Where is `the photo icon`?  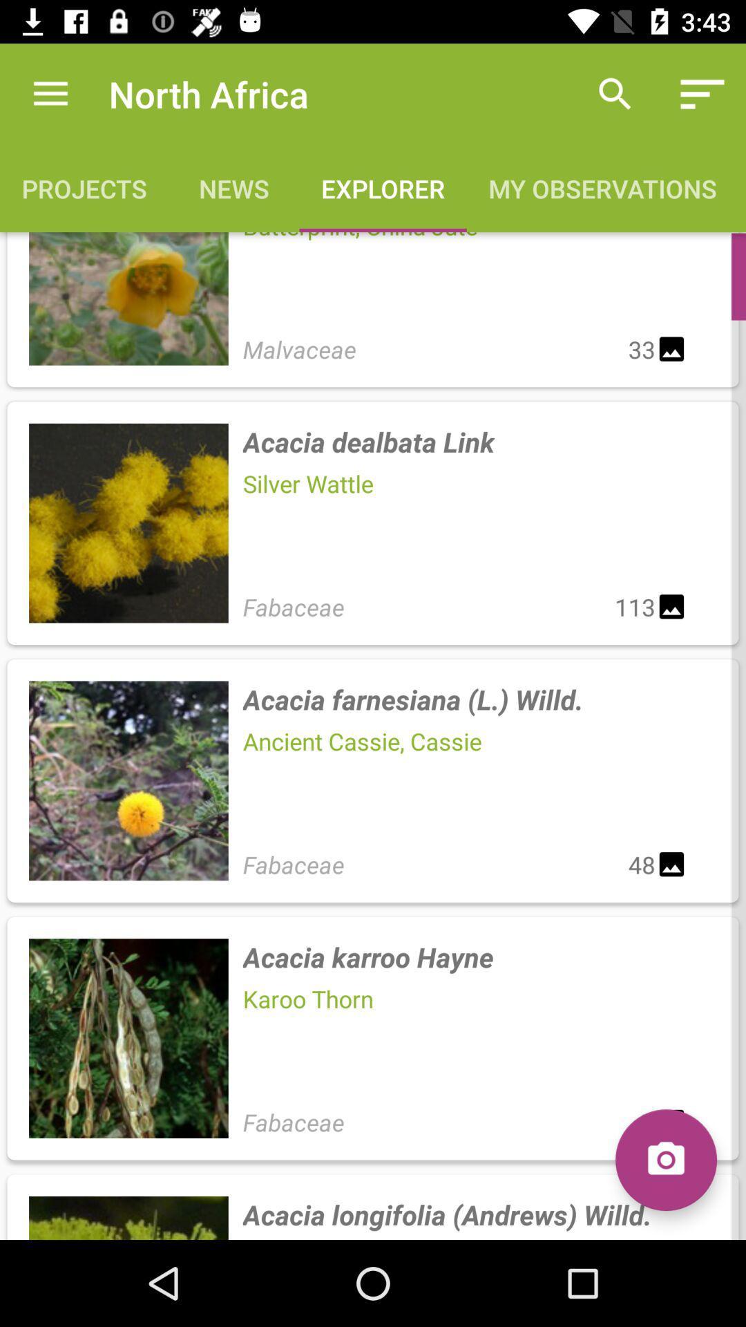
the photo icon is located at coordinates (665, 1160).